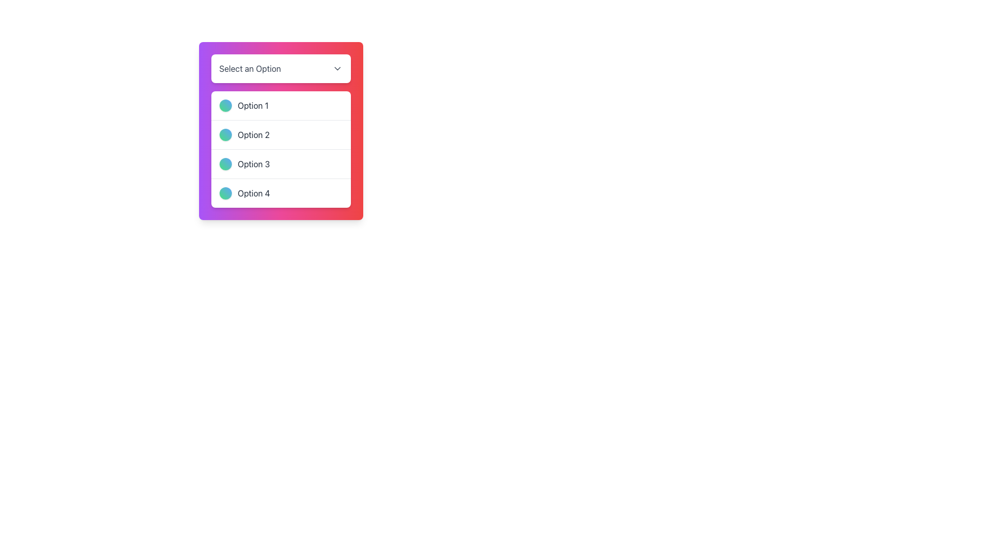  I want to click on the circular button with a gradient background that is part of the menu list item labeled 'Option 1', so click(225, 105).